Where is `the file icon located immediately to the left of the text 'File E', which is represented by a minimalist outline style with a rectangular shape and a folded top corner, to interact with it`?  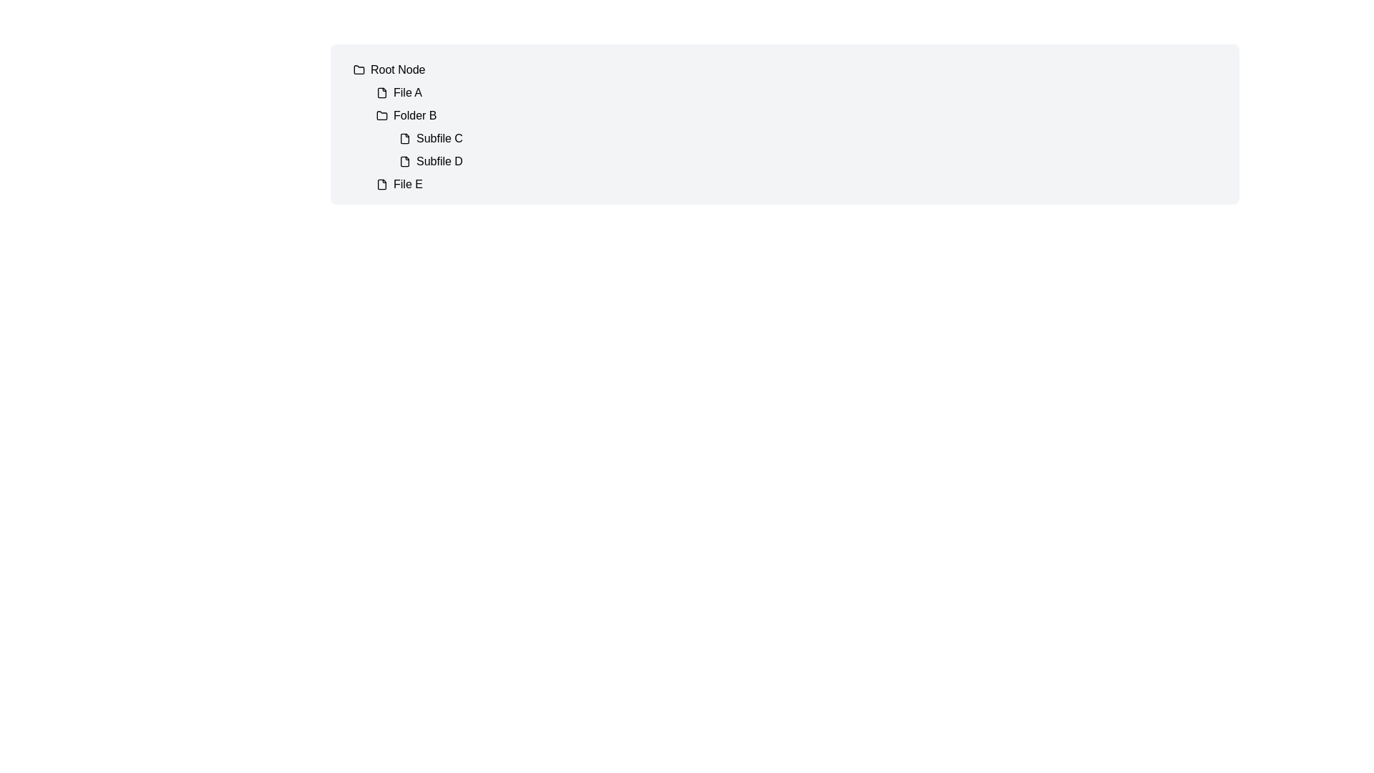
the file icon located immediately to the left of the text 'File E', which is represented by a minimalist outline style with a rectangular shape and a folded top corner, to interact with it is located at coordinates (381, 184).